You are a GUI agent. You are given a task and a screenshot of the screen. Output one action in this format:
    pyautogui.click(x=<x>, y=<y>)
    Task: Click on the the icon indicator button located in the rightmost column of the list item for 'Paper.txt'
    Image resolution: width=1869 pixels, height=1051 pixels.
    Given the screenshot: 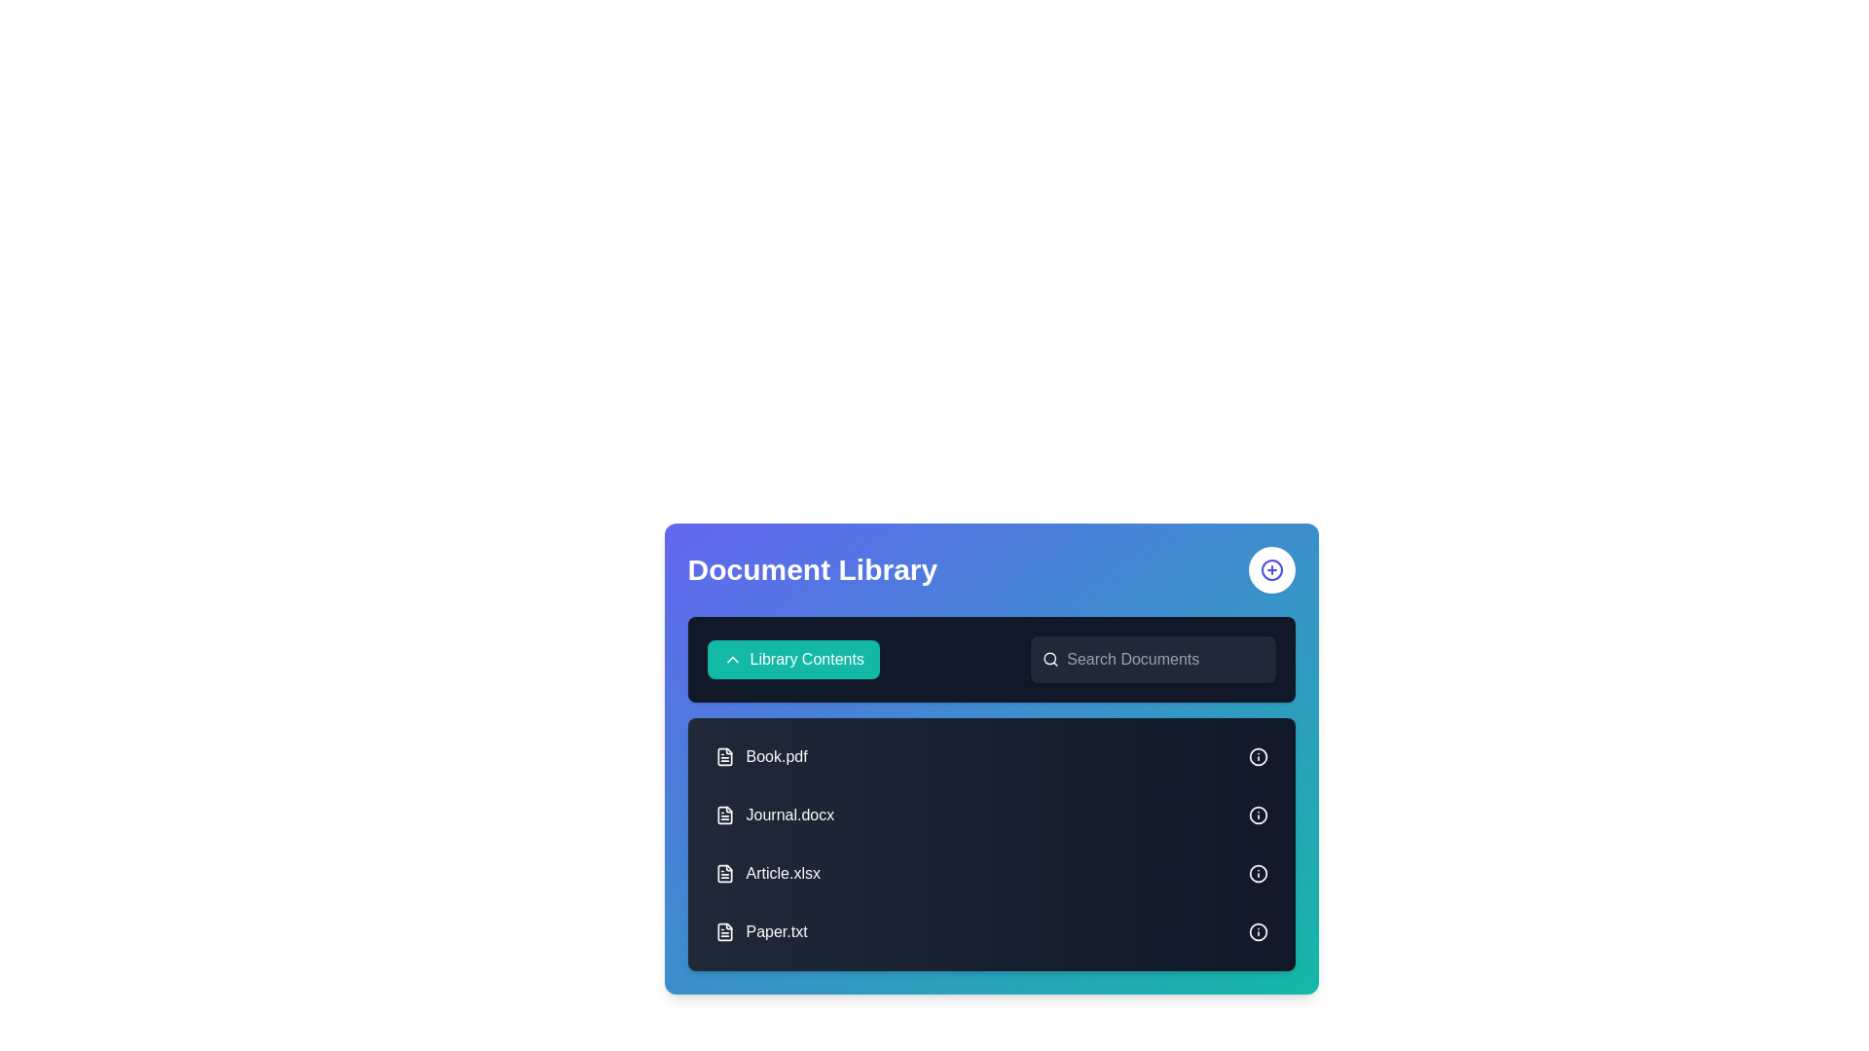 What is the action you would take?
    pyautogui.click(x=1258, y=930)
    